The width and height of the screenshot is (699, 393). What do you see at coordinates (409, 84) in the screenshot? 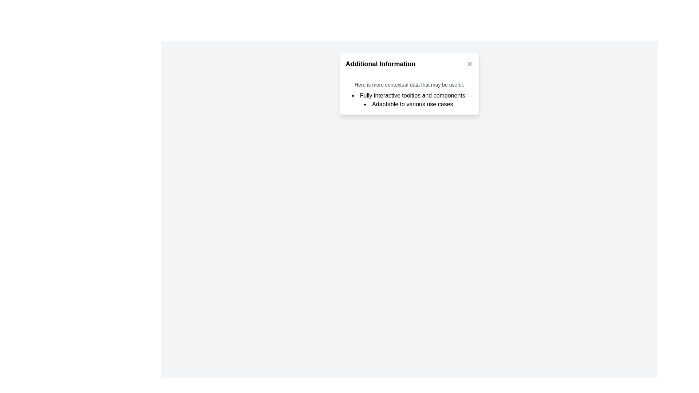
I see `the informational text reading 'Here is more contextual data that may be useful.'` at bounding box center [409, 84].